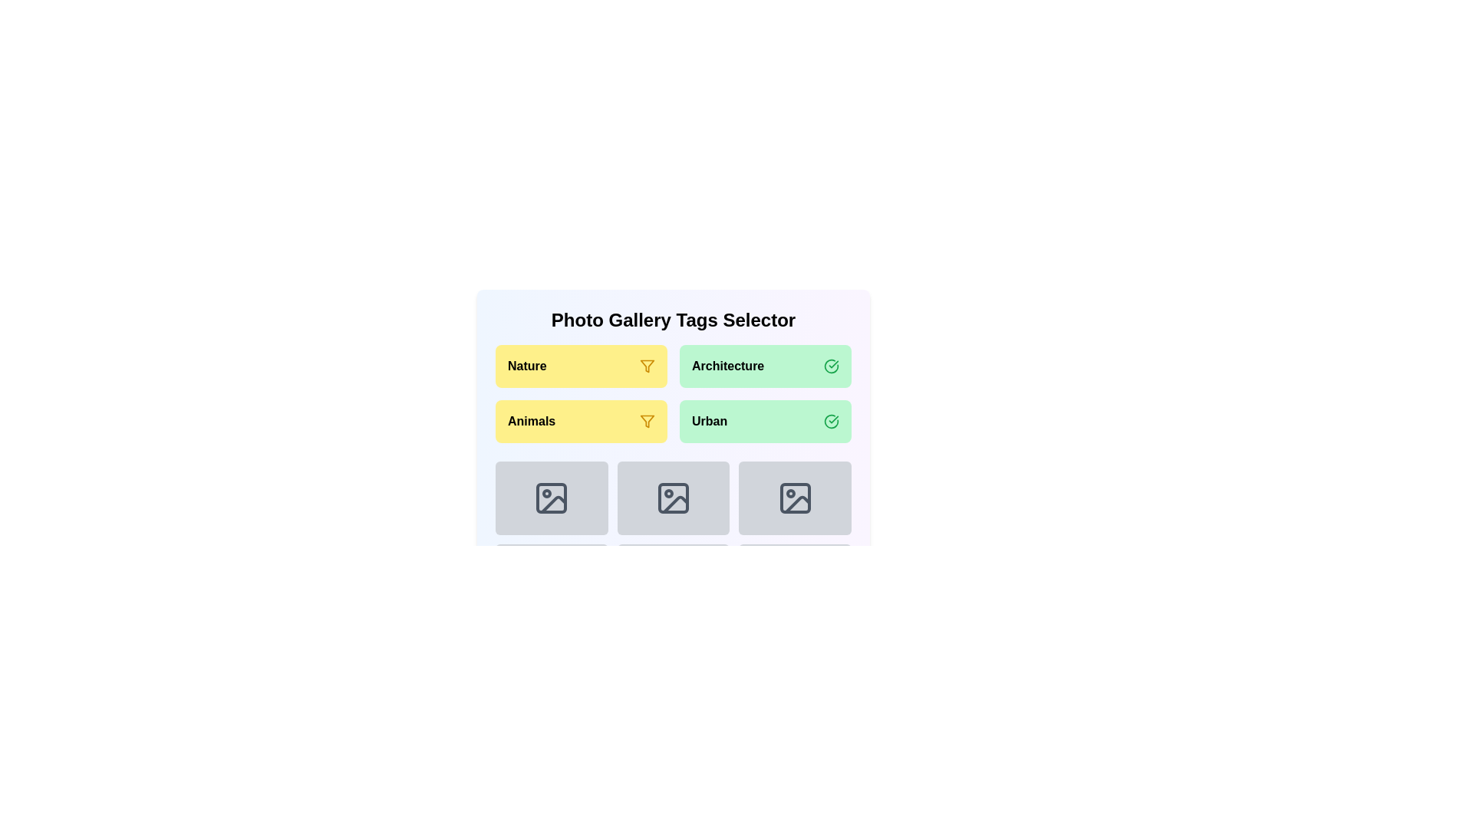 This screenshot has width=1473, height=828. I want to click on the category Architecture by clicking its button, so click(766, 366).